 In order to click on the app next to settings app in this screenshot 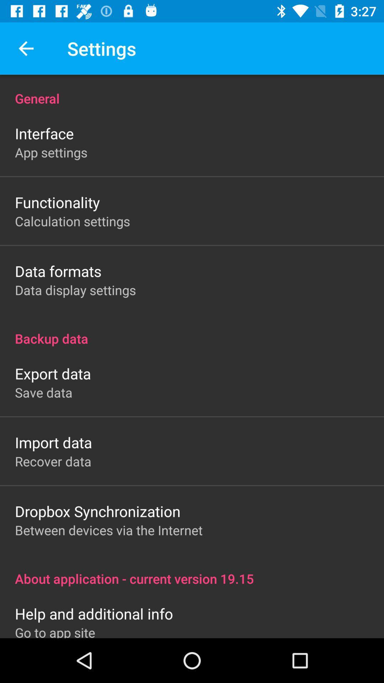, I will do `click(26, 48)`.